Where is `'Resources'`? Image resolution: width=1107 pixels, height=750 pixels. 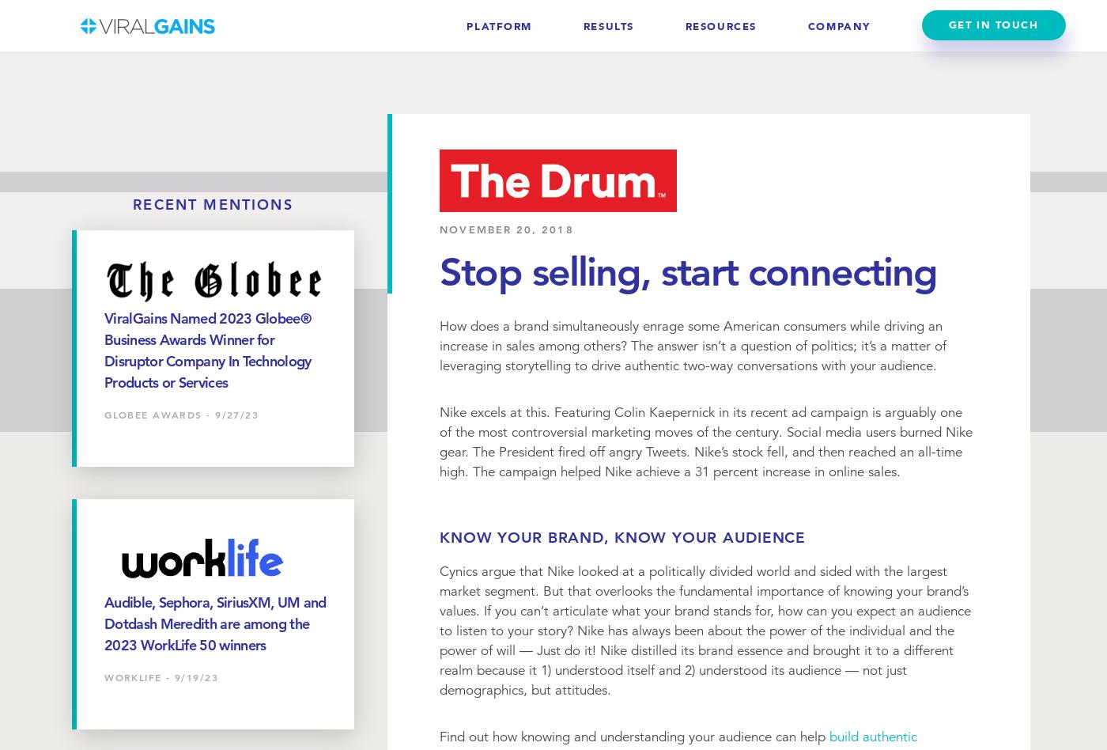
'Resources' is located at coordinates (720, 25).